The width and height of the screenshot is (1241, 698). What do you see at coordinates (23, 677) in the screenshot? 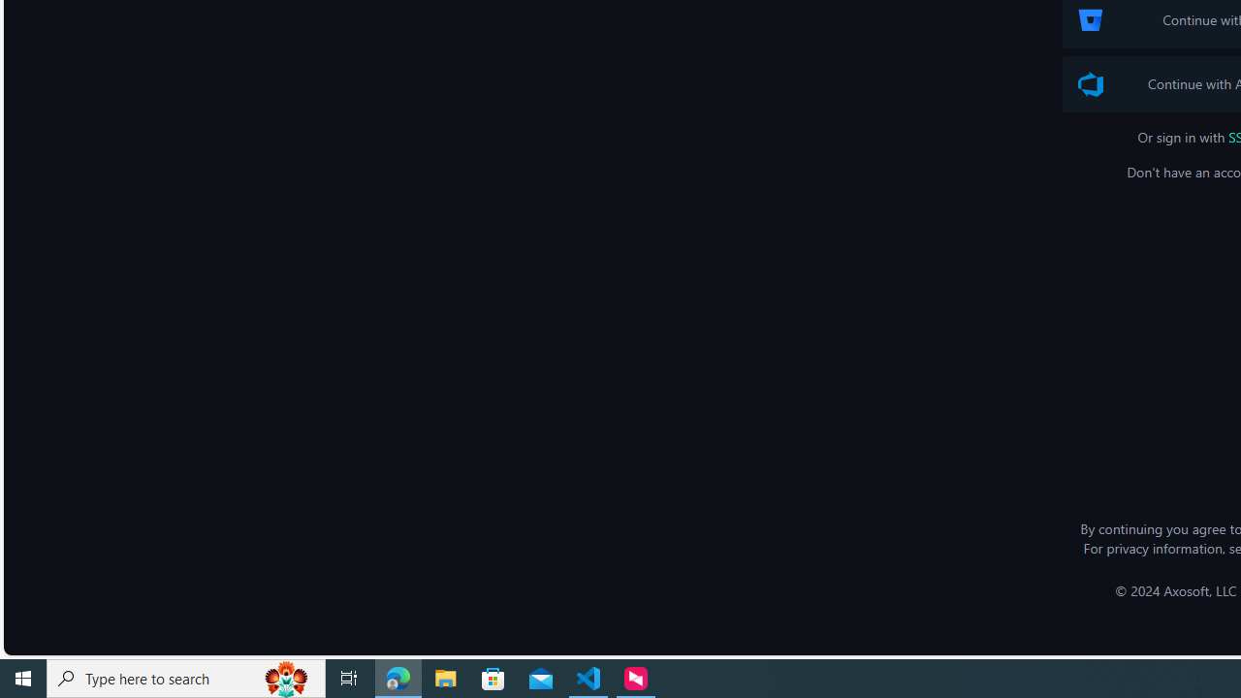
I see `'Start'` at bounding box center [23, 677].